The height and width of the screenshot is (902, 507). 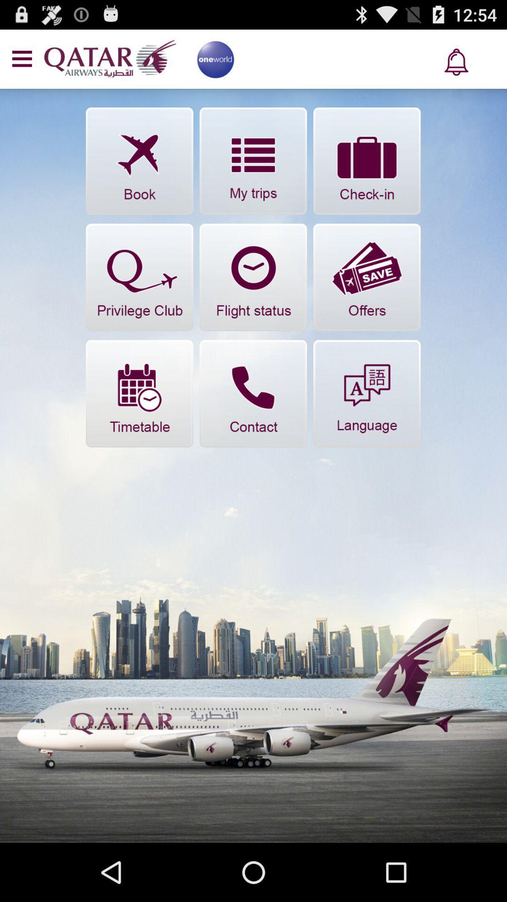 What do you see at coordinates (366, 394) in the screenshot?
I see `ateno para o icone de linguage` at bounding box center [366, 394].